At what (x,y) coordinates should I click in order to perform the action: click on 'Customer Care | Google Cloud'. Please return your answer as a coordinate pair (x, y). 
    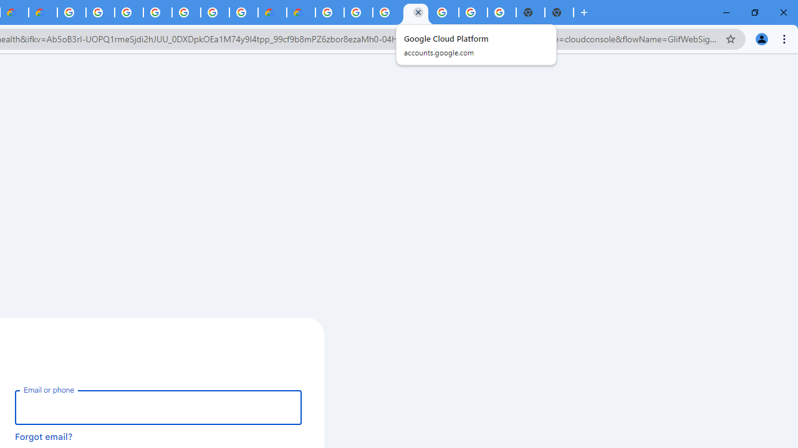
    Looking at the image, I should click on (271, 12).